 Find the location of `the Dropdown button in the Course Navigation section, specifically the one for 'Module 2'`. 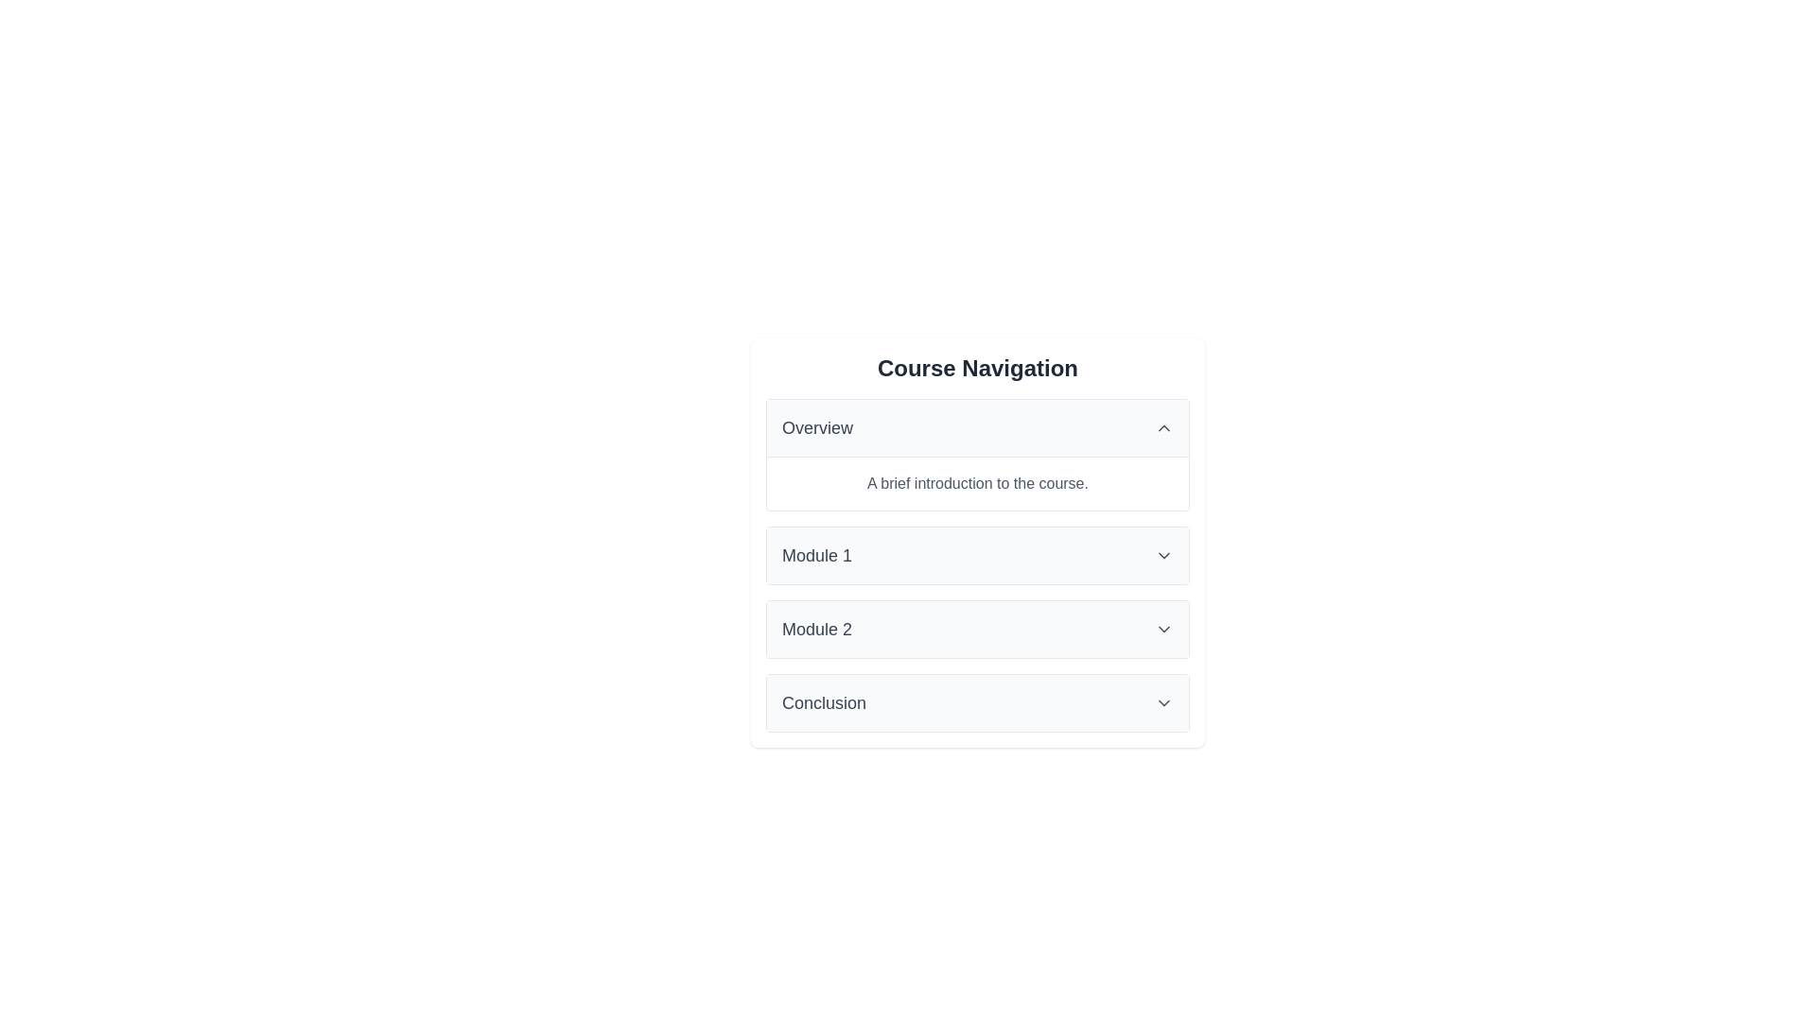

the Dropdown button in the Course Navigation section, specifically the one for 'Module 2' is located at coordinates (977, 630).